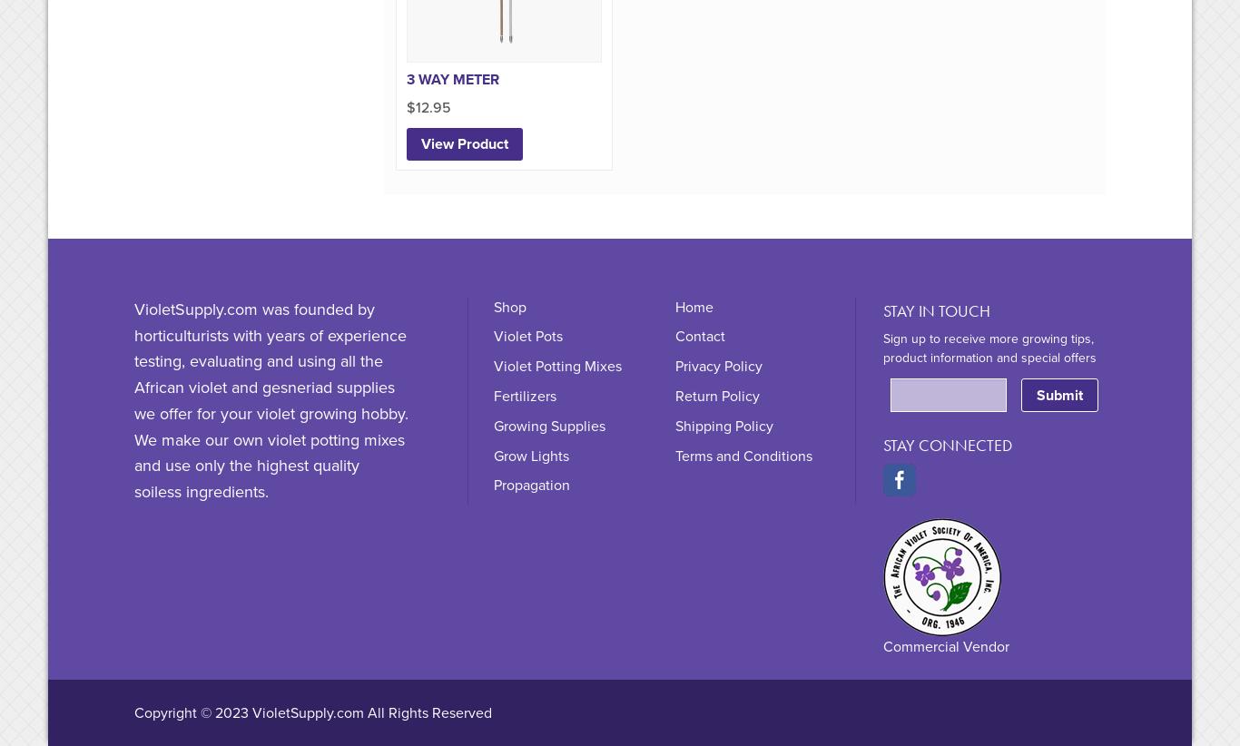 This screenshot has height=746, width=1240. Describe the element at coordinates (312, 712) in the screenshot. I see `'Copyright © 2023 VioletSupply.com All Rights Reserved'` at that location.